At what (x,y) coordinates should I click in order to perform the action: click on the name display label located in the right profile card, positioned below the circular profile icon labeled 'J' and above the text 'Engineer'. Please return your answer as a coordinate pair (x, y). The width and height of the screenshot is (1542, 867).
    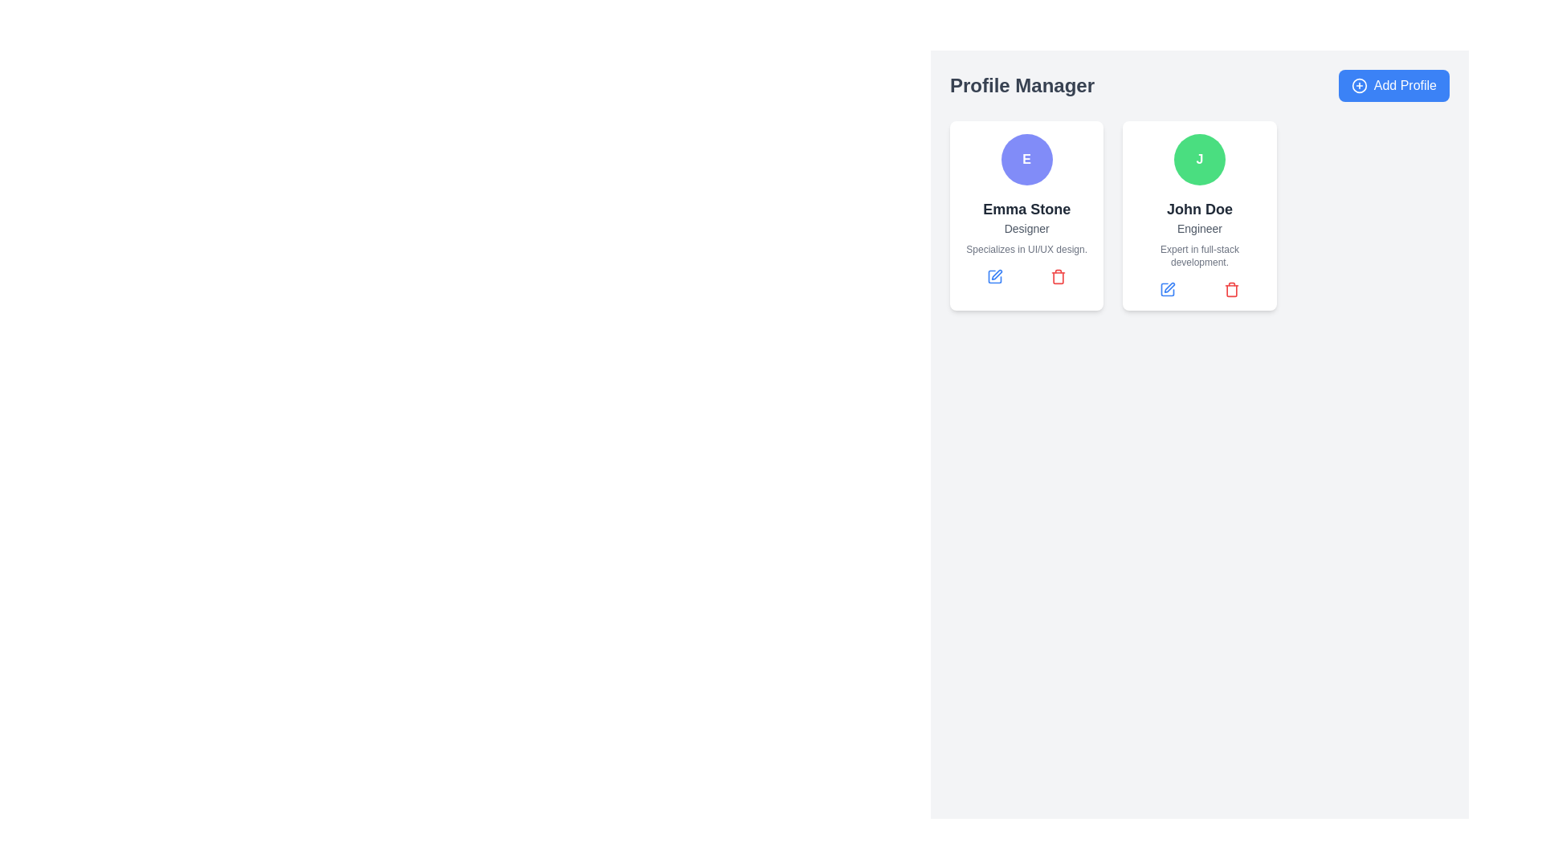
    Looking at the image, I should click on (1199, 209).